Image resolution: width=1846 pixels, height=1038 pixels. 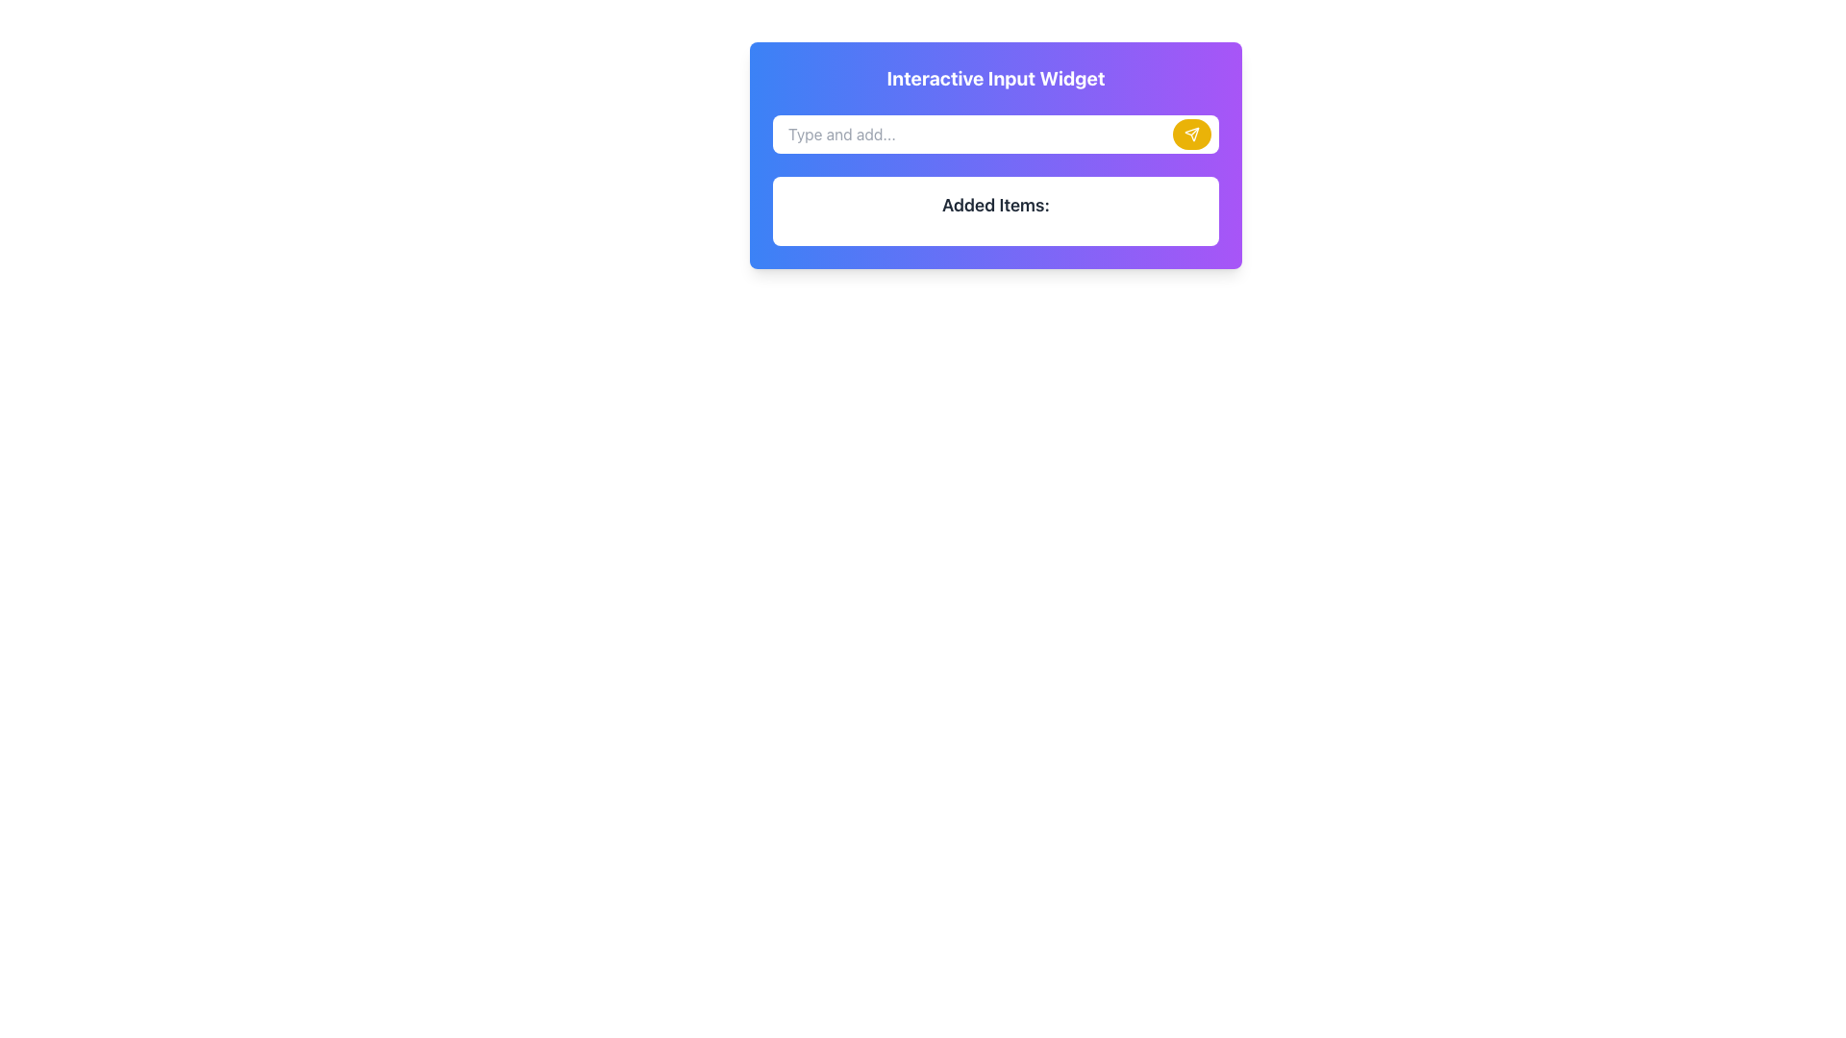 What do you see at coordinates (996, 77) in the screenshot?
I see `the text label reading 'Interactive Input Widget' which is styled with a bold, extra-large font and is centered horizontally on a gradient background transitioning from blue to purple` at bounding box center [996, 77].